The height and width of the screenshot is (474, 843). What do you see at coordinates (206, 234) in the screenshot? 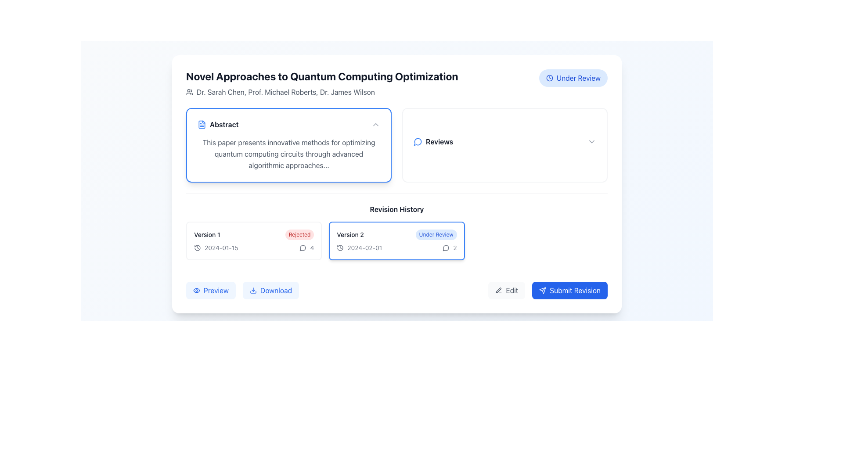
I see `the 'Version 1' text label in the 'Revision History' section, which indicates the document's version and is positioned next to the 'Rejected' status indicator` at bounding box center [206, 234].